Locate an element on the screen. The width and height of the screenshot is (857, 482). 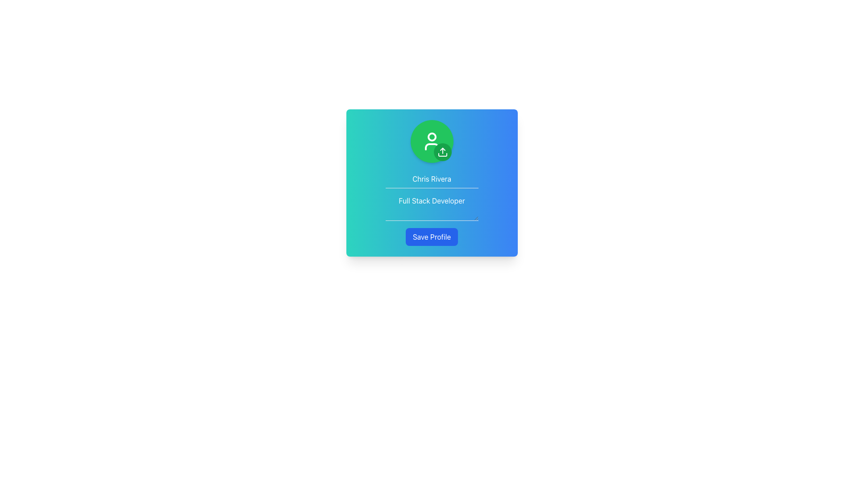
the save button located centrally below the 'Full Stack Developer' text field is located at coordinates (432, 237).